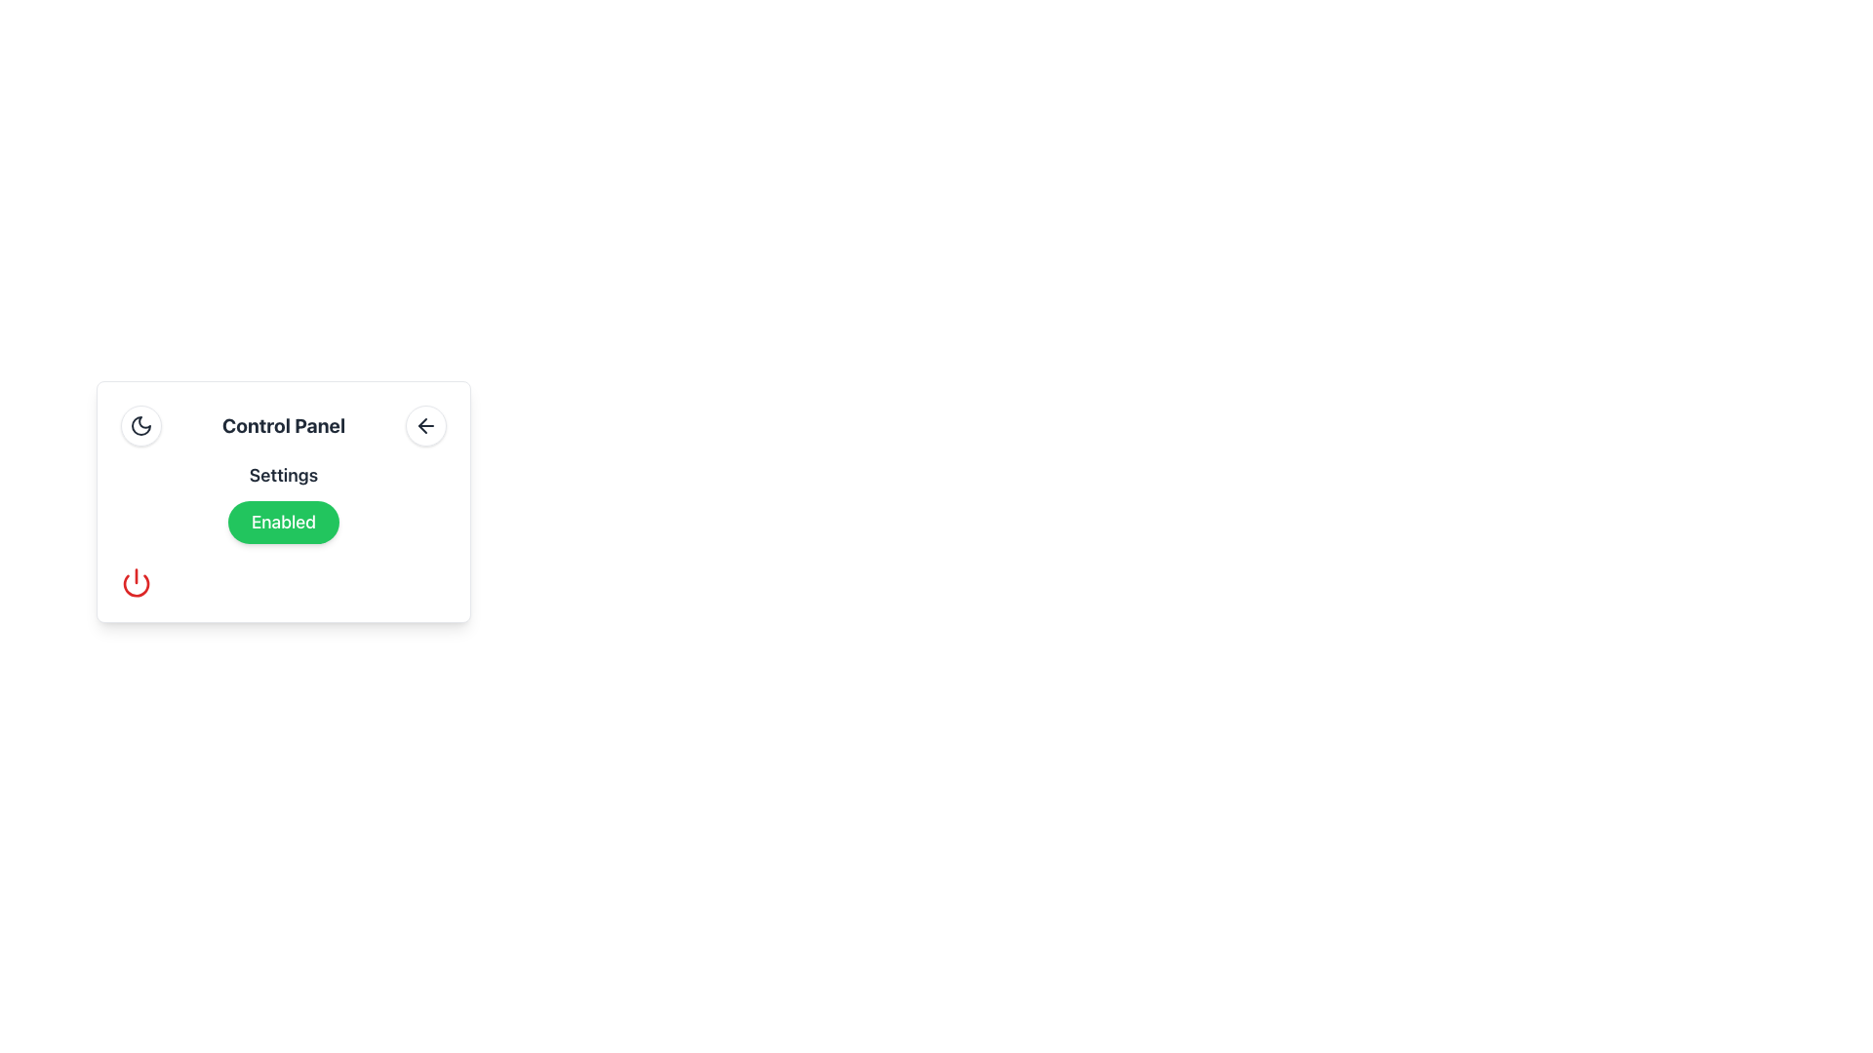 The image size is (1873, 1053). I want to click on the 'Settings' text label element, which is styled with a bold and larger font size and is centered above the green button labeled 'Enabled', so click(283, 476).